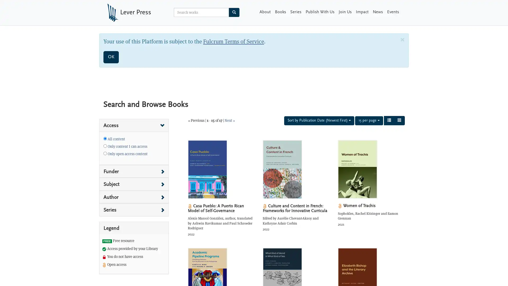 This screenshot has height=286, width=508. Describe the element at coordinates (134, 209) in the screenshot. I see `Filter search results by Series` at that location.